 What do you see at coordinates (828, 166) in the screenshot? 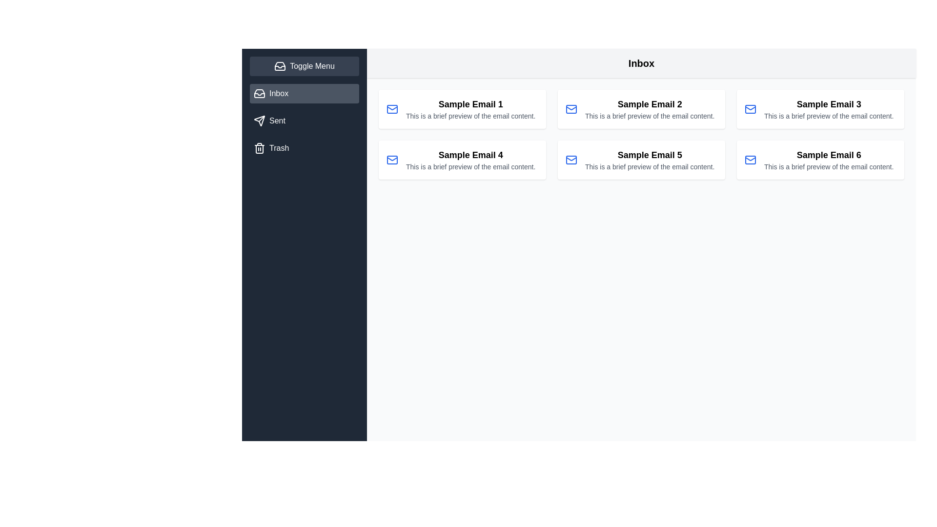
I see `the text element displaying 'This is a brief preview of the email content.' which is styled in gray and positioned below the title 'Sample Email 6'` at bounding box center [828, 166].